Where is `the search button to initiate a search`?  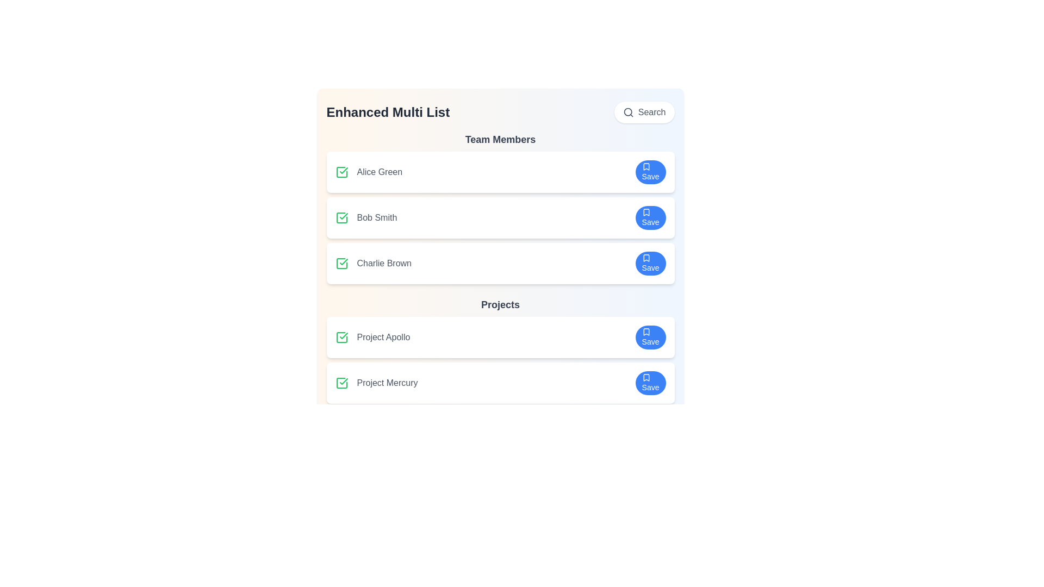 the search button to initiate a search is located at coordinates (644, 113).